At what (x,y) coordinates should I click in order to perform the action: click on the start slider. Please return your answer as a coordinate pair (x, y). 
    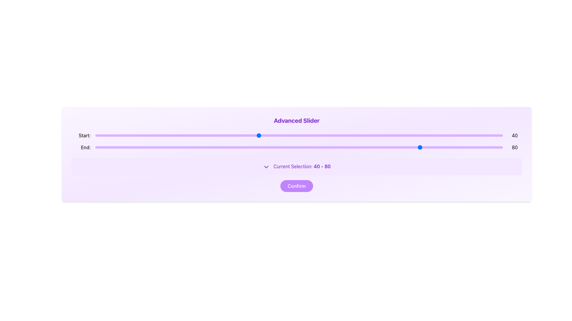
    Looking at the image, I should click on (119, 135).